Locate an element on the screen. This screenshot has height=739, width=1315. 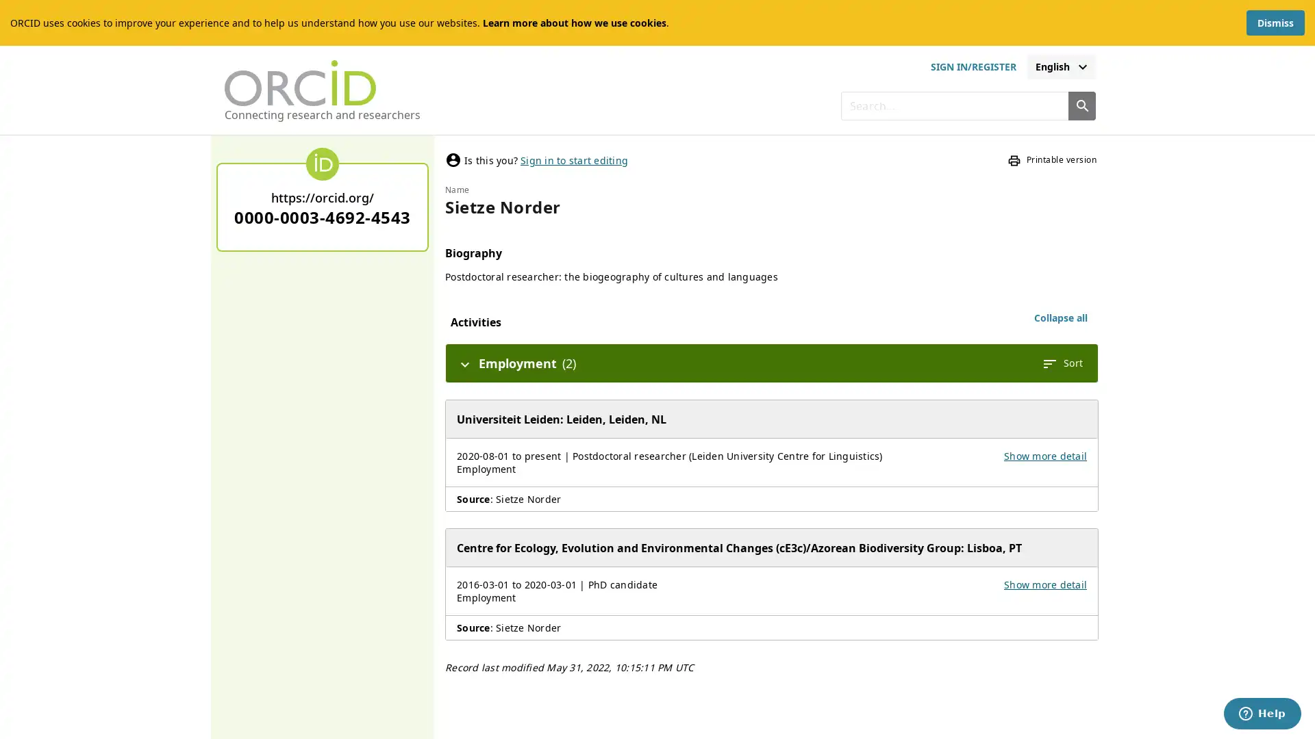
sign in or register is located at coordinates (972, 66).